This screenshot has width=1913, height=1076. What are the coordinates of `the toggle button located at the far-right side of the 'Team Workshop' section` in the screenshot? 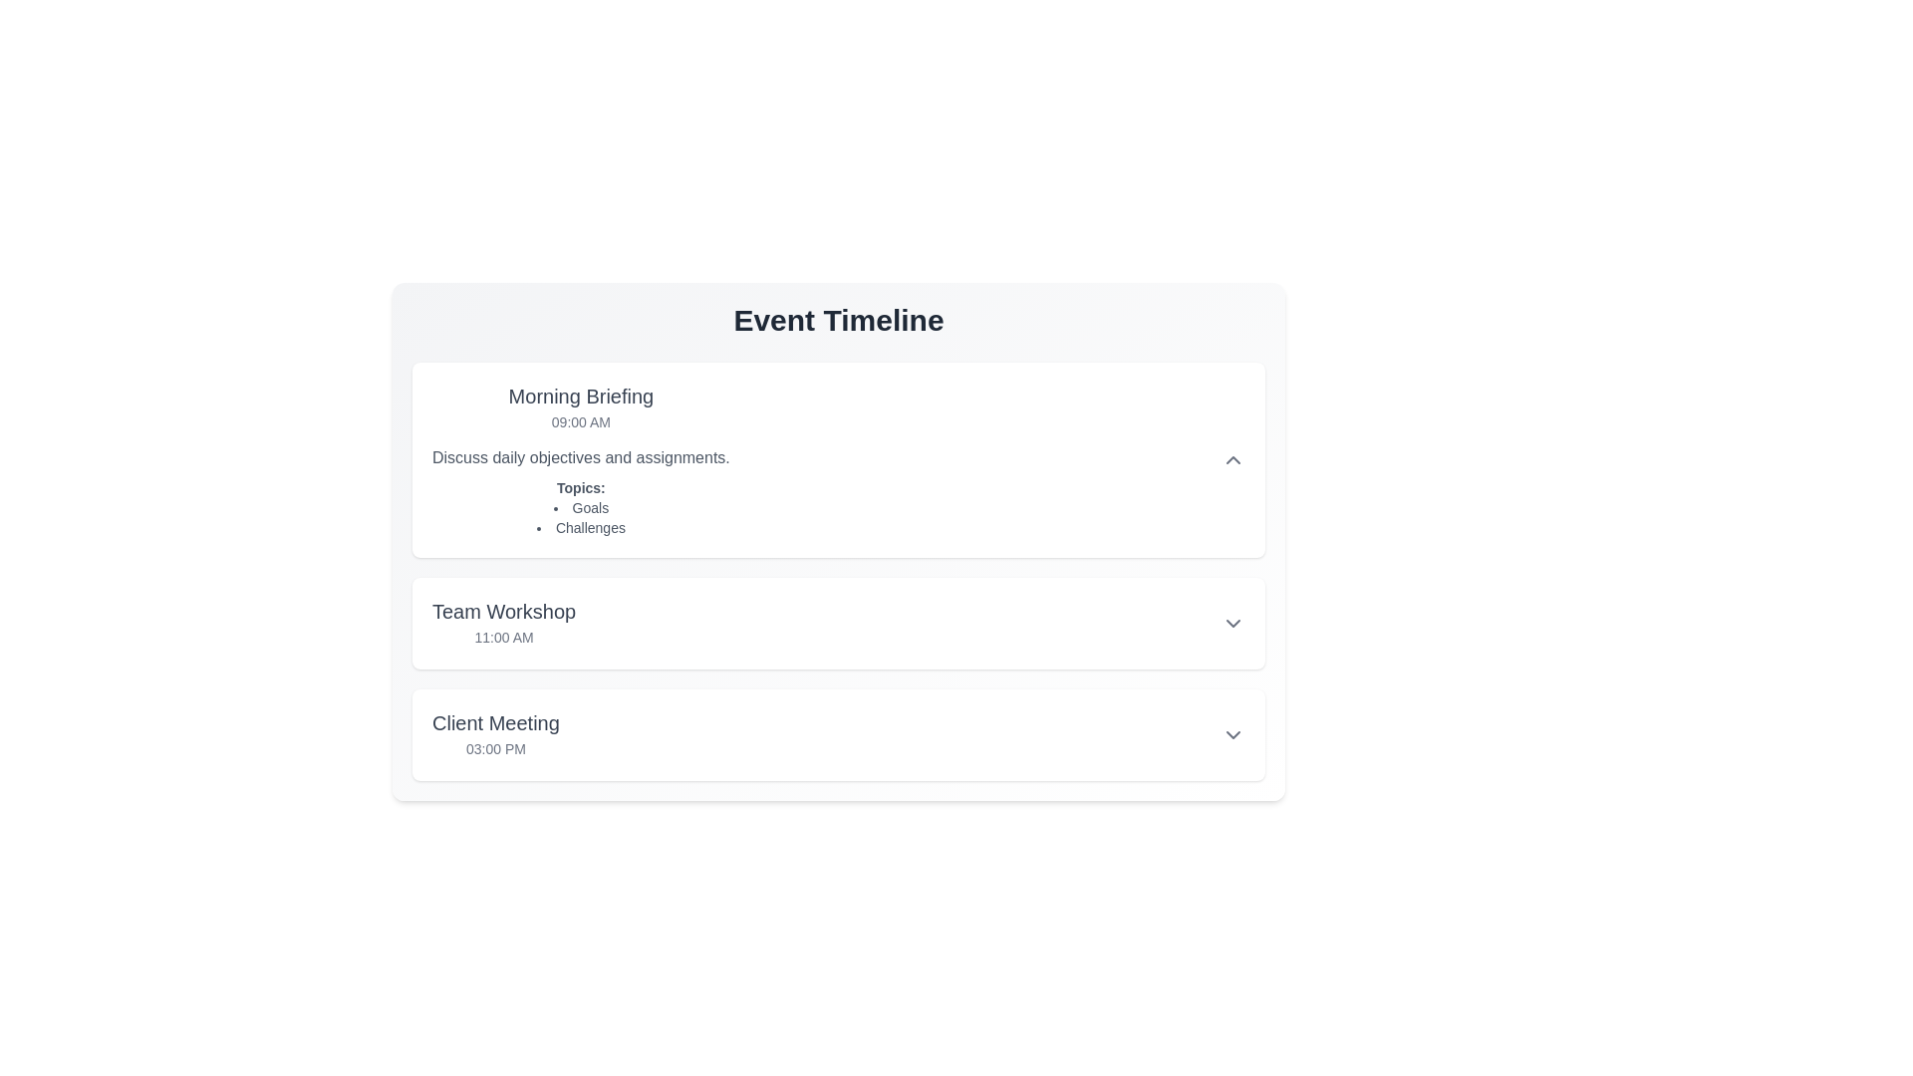 It's located at (1232, 622).